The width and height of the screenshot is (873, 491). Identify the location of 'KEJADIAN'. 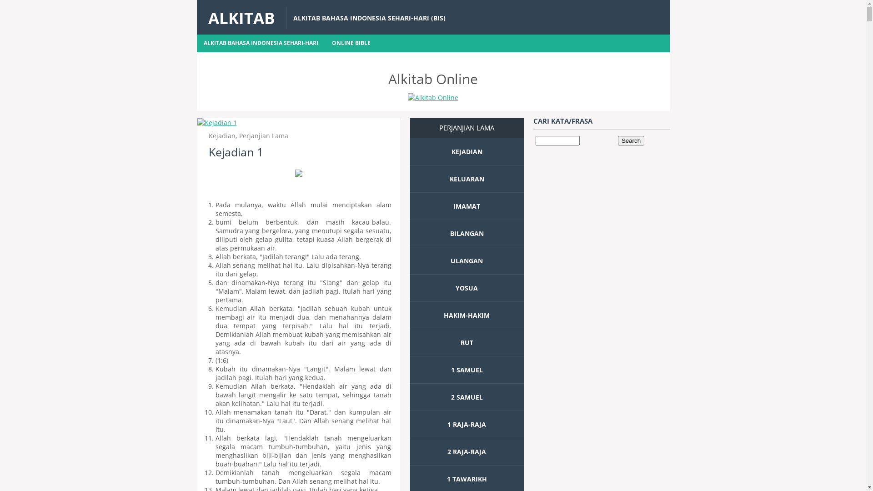
(451, 151).